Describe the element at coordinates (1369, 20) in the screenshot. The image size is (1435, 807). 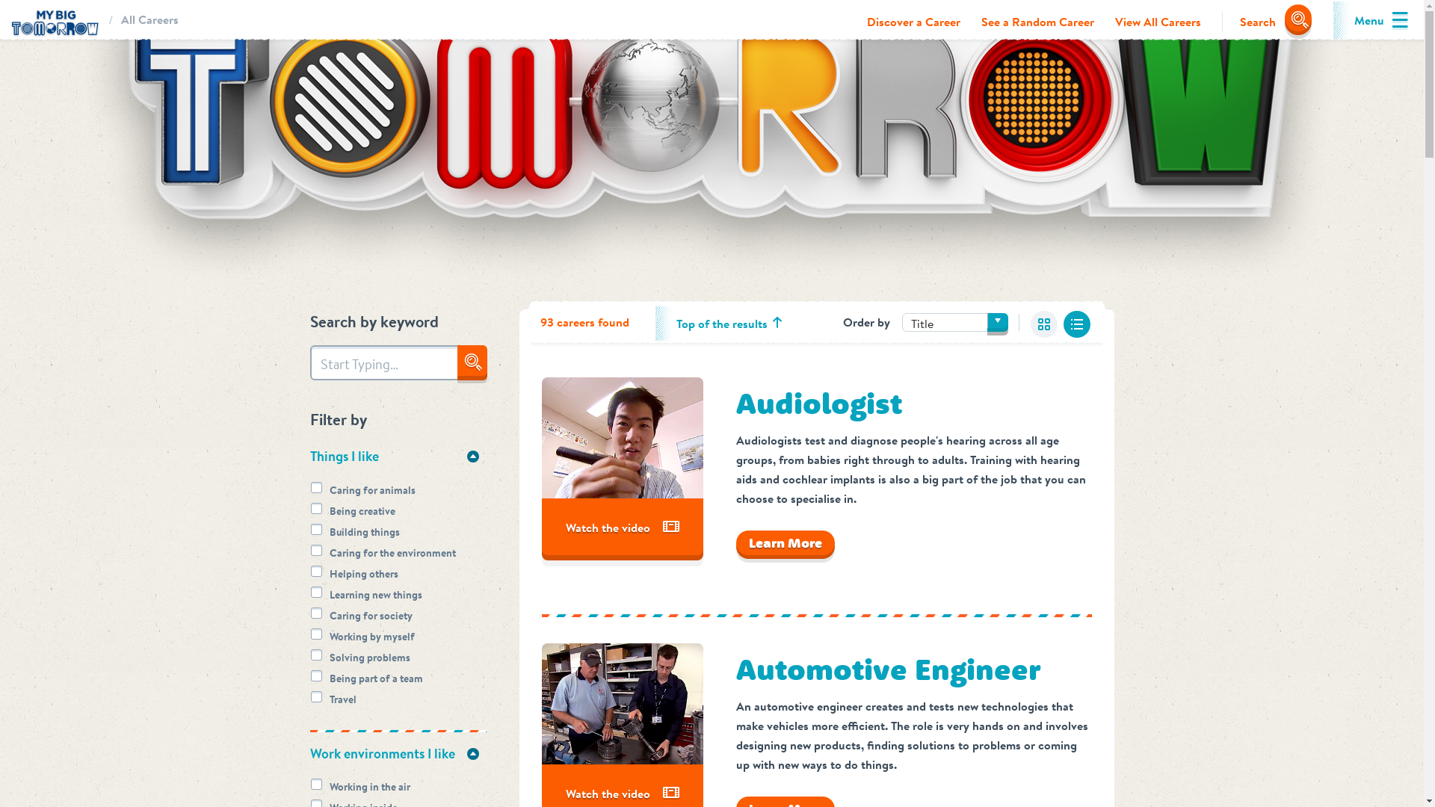
I see `'Menu'` at that location.